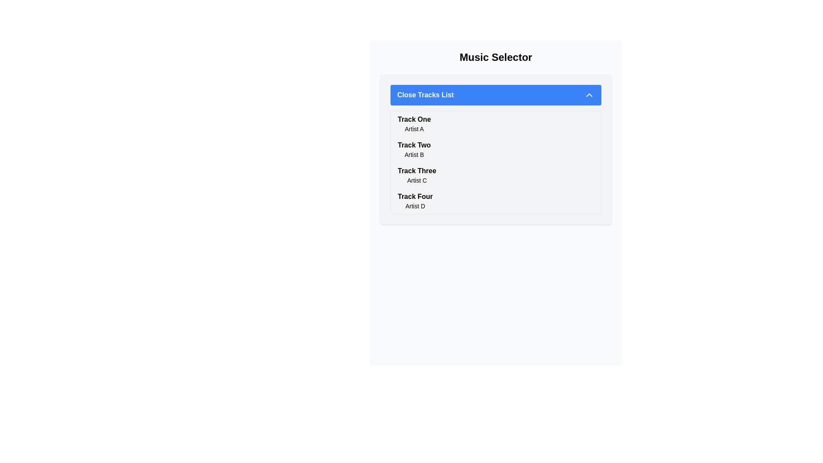 The height and width of the screenshot is (463, 823). What do you see at coordinates (496, 95) in the screenshot?
I see `the blue button with rounded corners labeled 'Close Tracks List'` at bounding box center [496, 95].